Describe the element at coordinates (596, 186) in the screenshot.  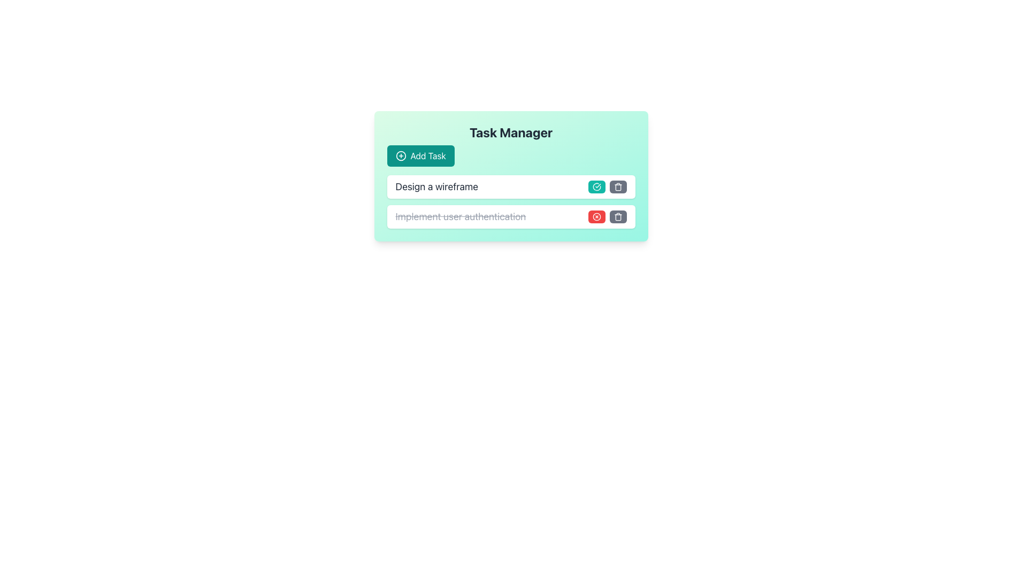
I see `the circular checkmark icon with a teal background located beside the 'Design a wireframe' task` at that location.